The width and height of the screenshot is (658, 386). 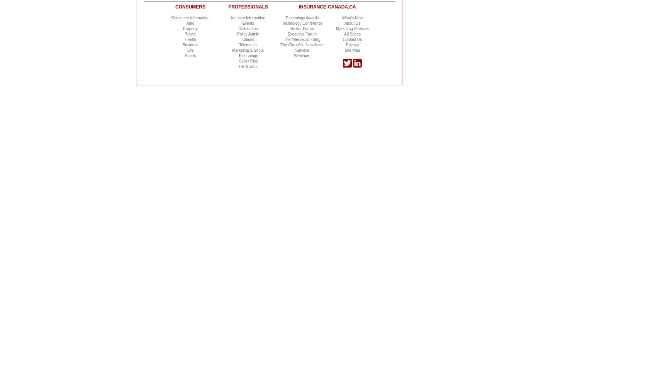 I want to click on 'Professionals', so click(x=248, y=7).